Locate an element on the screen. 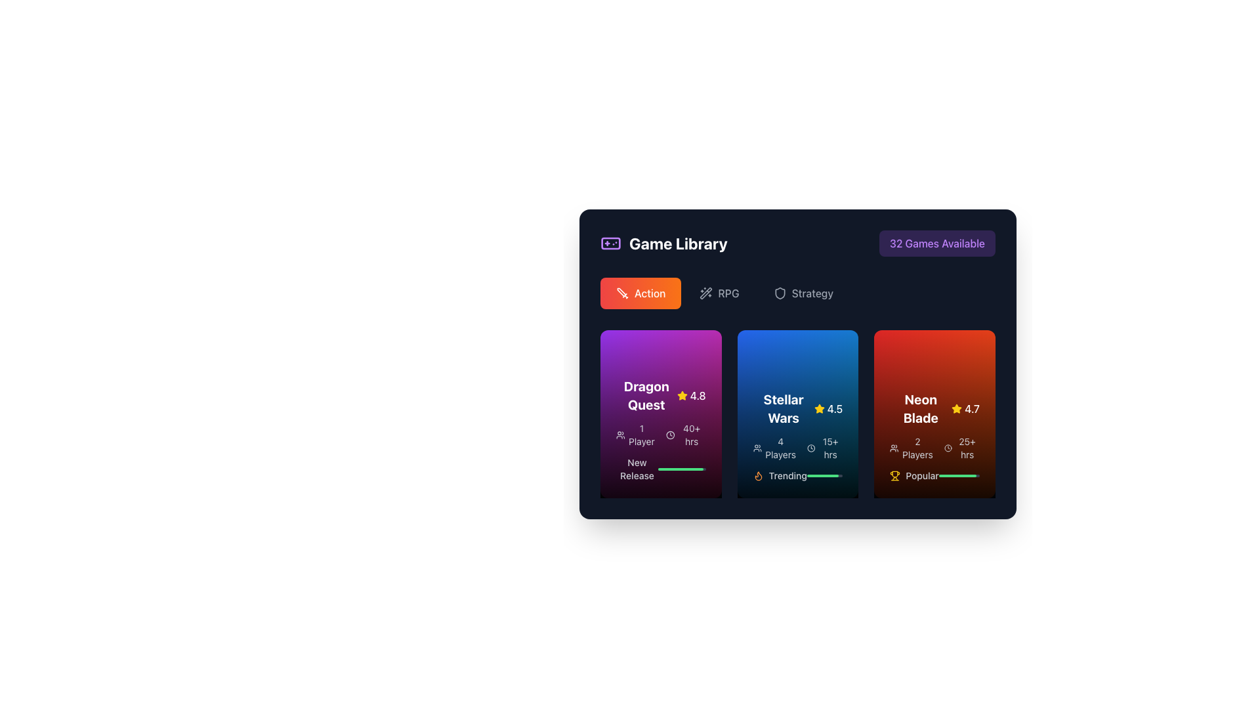  the 'Stellar Wars' title label in the 'Game Library' interface is located at coordinates (784, 408).